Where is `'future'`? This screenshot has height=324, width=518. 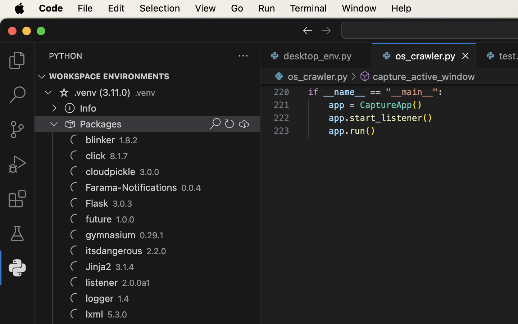 'future' is located at coordinates (99, 219).